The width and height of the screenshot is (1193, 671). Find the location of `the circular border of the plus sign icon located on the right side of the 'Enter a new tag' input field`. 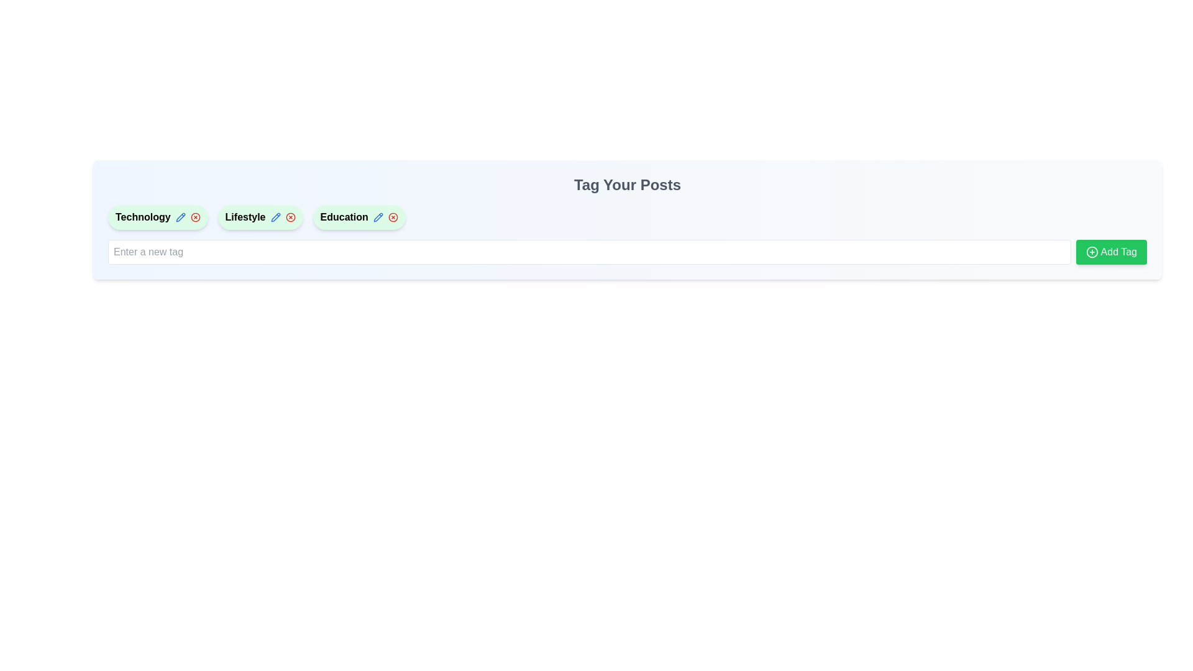

the circular border of the plus sign icon located on the right side of the 'Enter a new tag' input field is located at coordinates (1091, 252).